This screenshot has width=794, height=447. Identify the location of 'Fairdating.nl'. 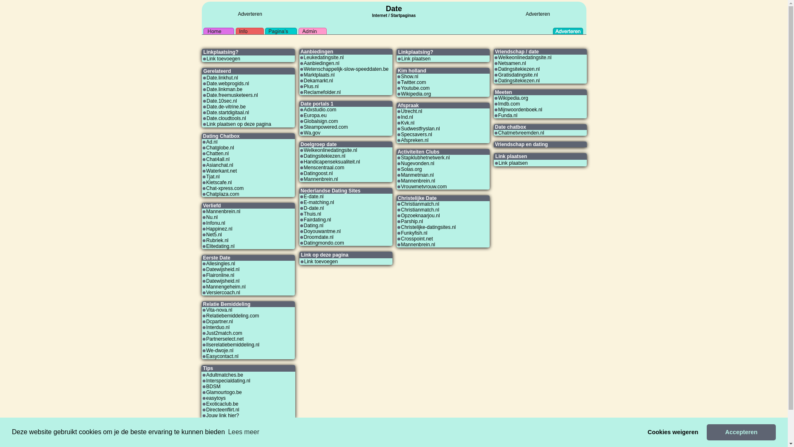
(317, 219).